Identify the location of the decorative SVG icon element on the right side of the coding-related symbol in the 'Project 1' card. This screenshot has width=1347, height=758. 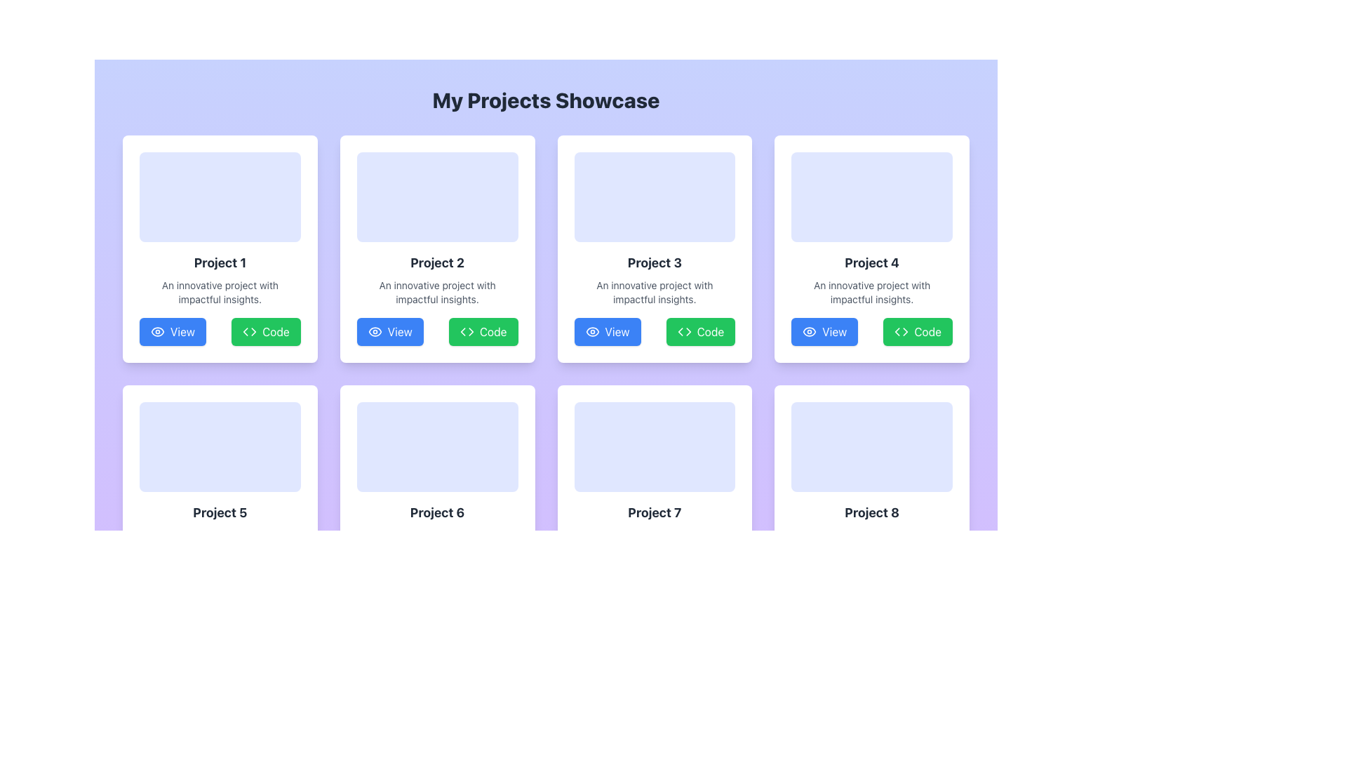
(253, 332).